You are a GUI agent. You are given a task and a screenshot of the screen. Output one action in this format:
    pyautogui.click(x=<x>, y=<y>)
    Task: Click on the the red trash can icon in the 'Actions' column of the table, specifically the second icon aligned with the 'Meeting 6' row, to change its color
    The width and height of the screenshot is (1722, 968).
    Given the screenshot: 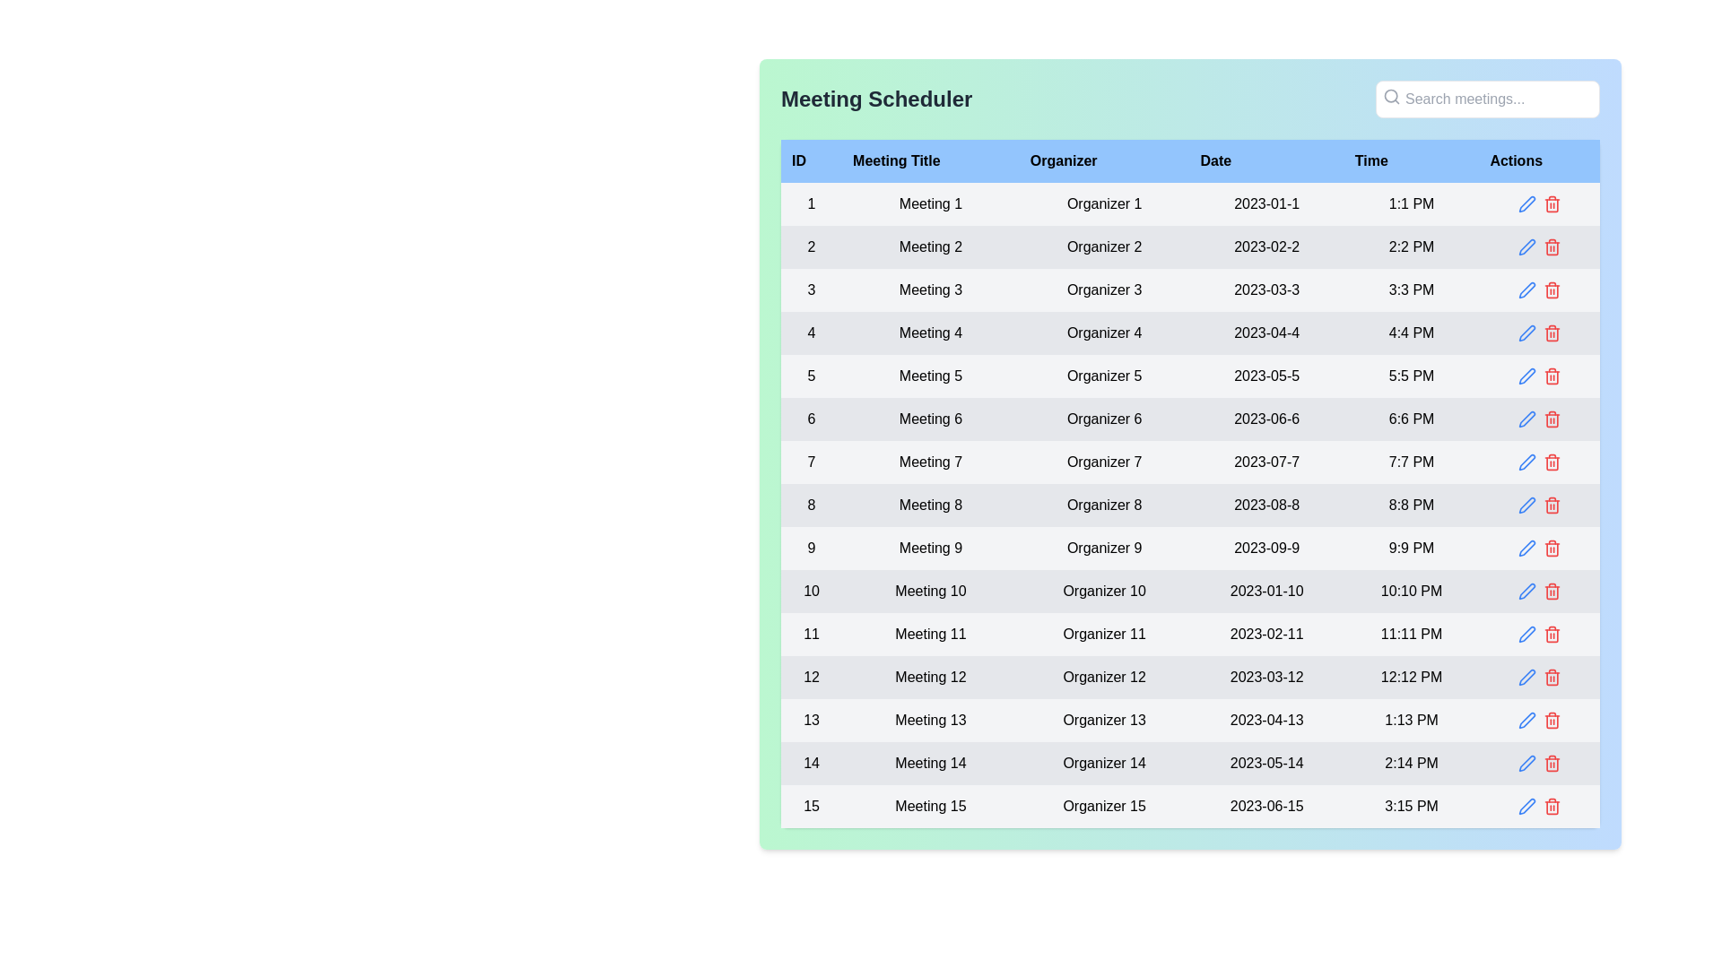 What is the action you would take?
    pyautogui.click(x=1551, y=419)
    